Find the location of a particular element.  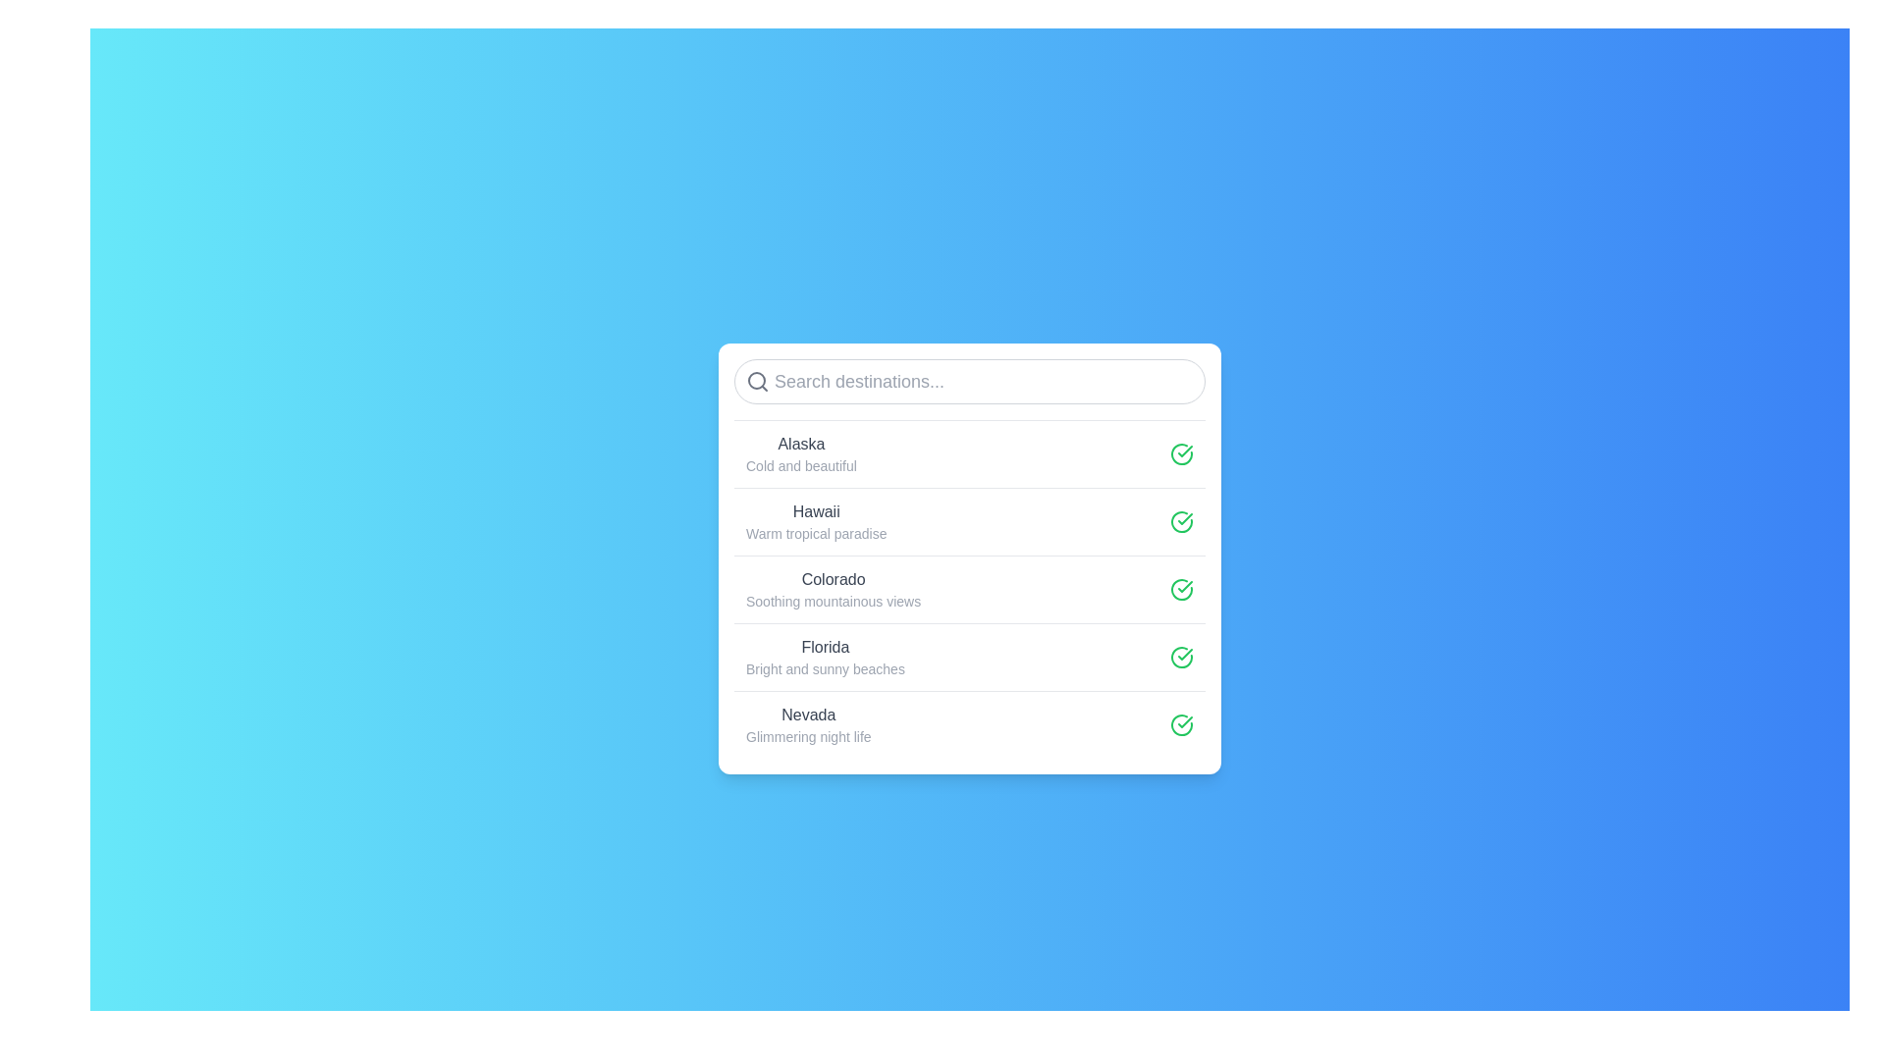

the green circular checkmark icon located at the top-right of the row labeled 'Hawaii', which signifies selection or approval is located at coordinates (1181, 520).